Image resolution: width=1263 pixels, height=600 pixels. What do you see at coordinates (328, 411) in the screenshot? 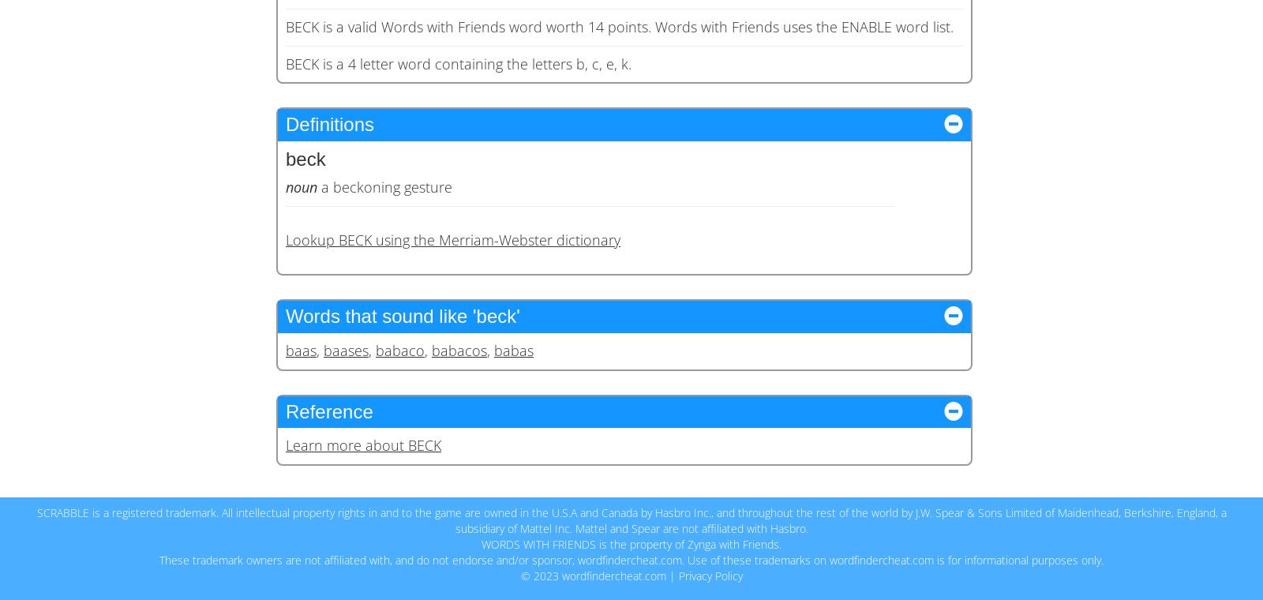
I see `'Reference'` at bounding box center [328, 411].